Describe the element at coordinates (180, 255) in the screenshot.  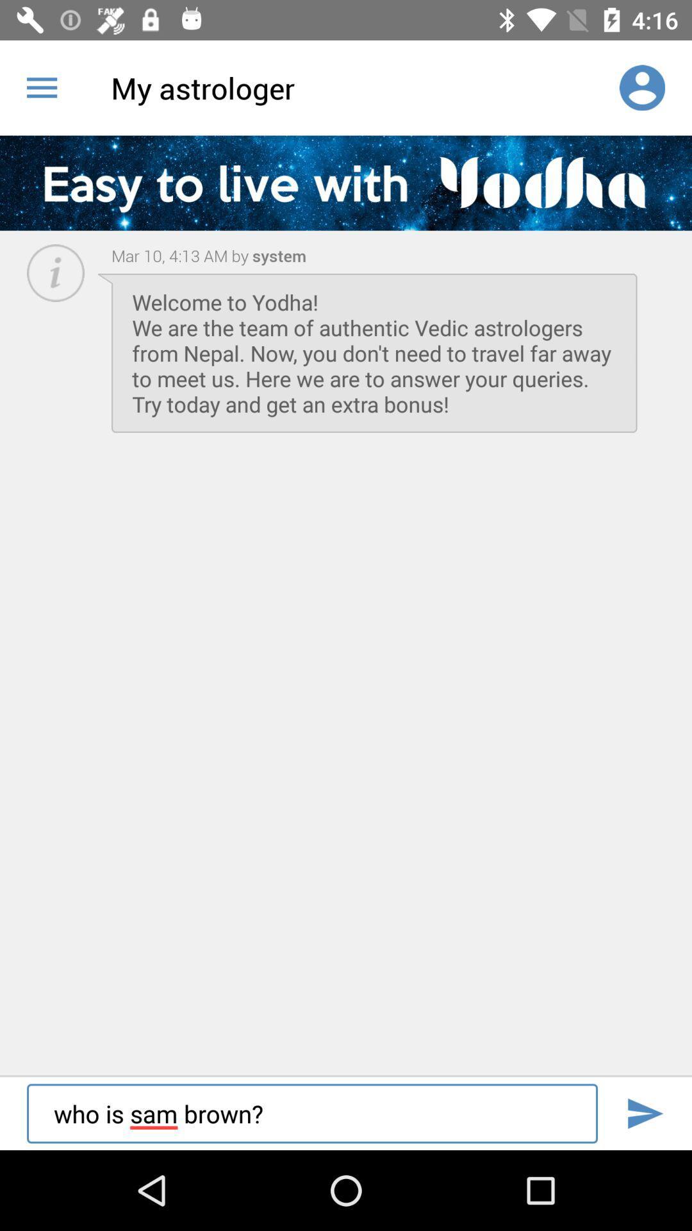
I see `the icon next to the system` at that location.